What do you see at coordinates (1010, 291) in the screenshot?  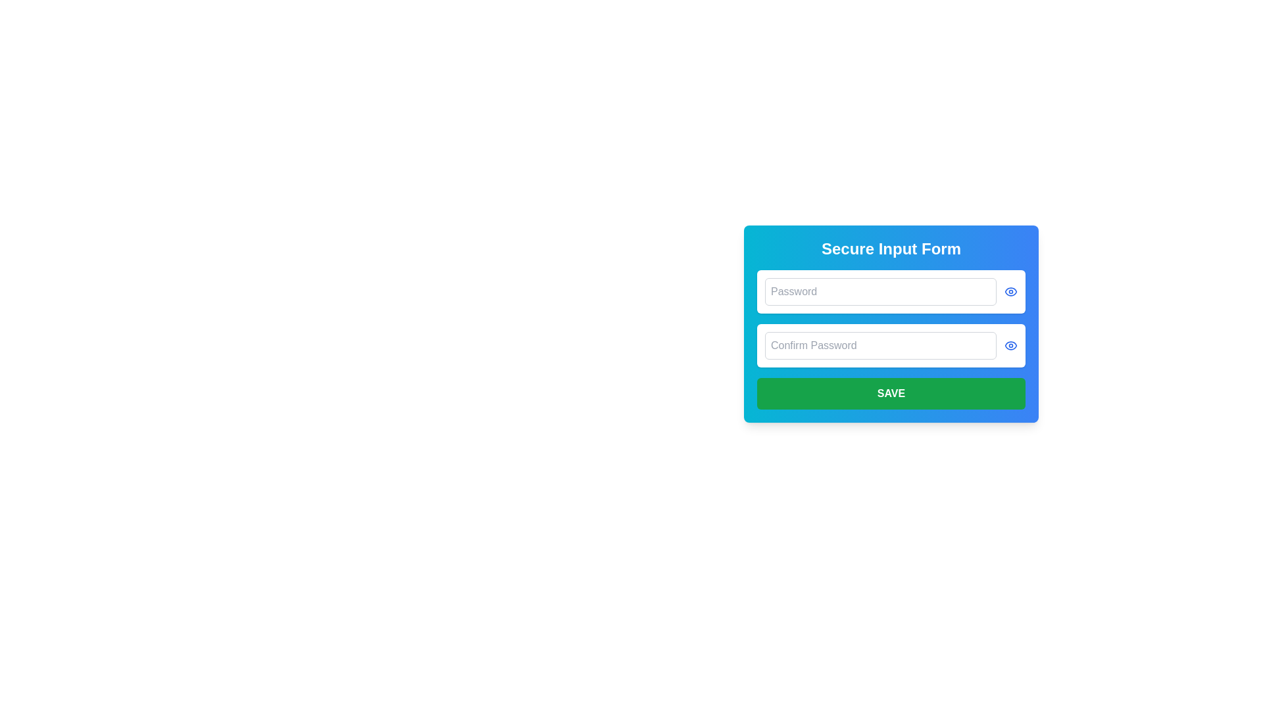 I see `the blue eye-shaped button to the right of the 'Password' input field` at bounding box center [1010, 291].